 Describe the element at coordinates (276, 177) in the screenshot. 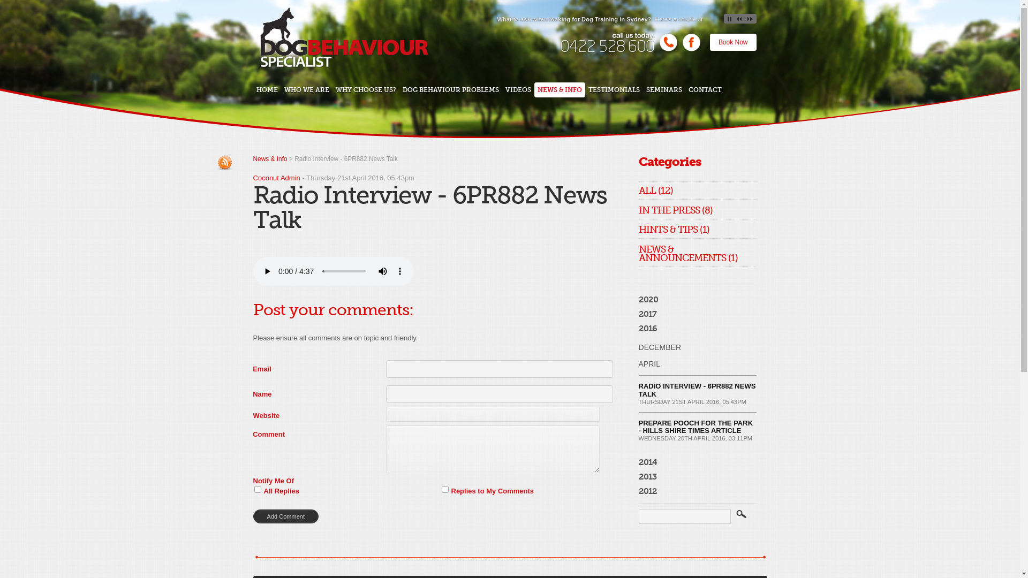

I see `'Coconut Admin'` at that location.